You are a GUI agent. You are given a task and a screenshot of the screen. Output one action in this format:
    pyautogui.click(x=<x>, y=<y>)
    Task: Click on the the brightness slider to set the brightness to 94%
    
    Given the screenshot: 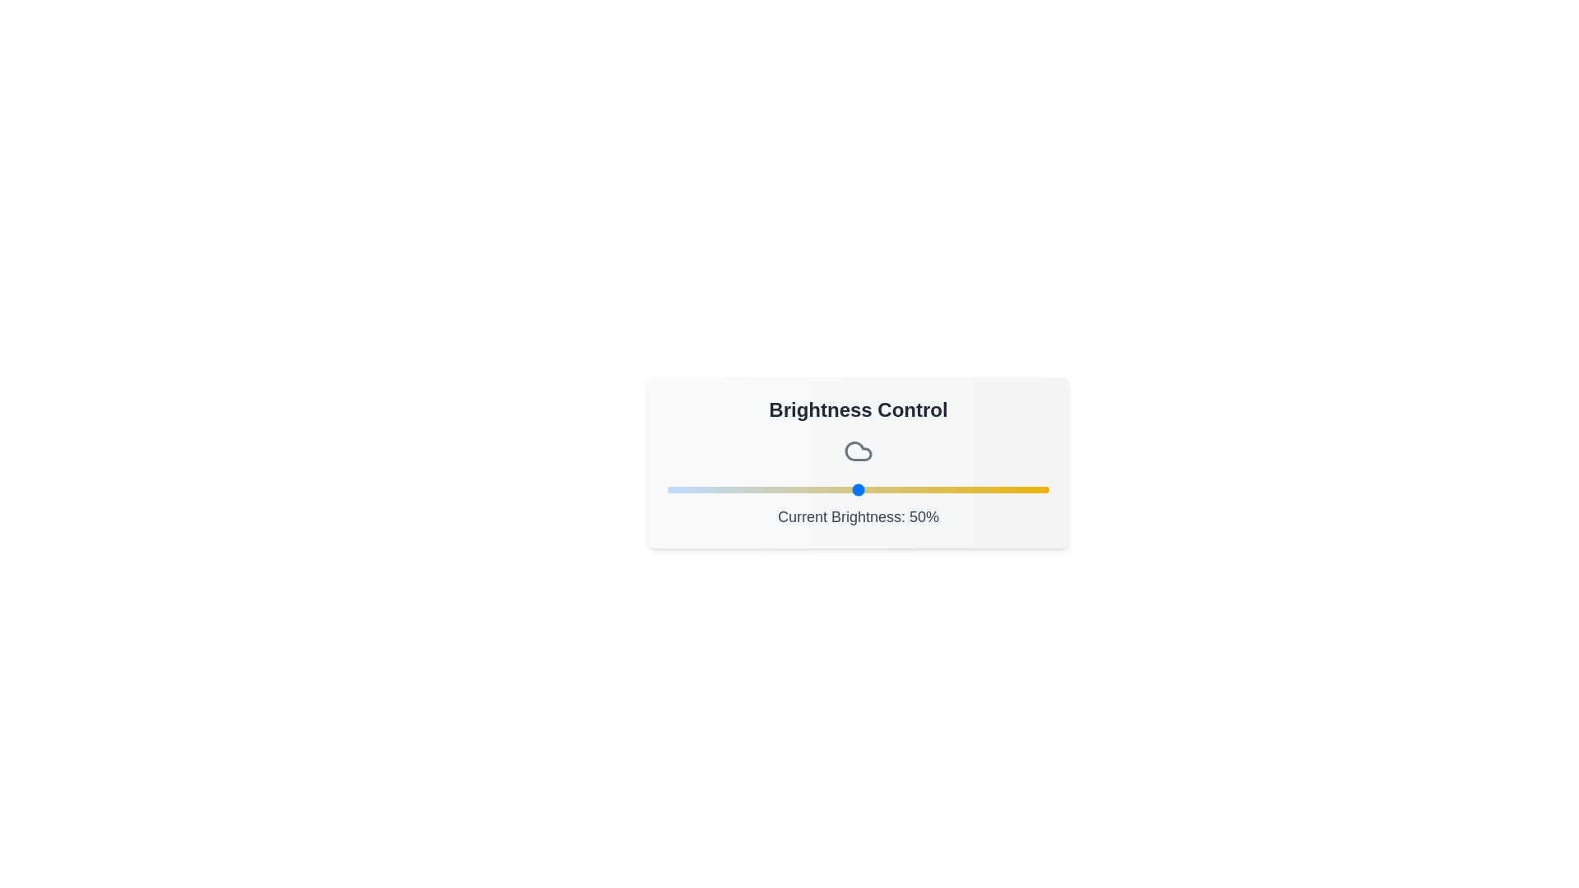 What is the action you would take?
    pyautogui.click(x=1026, y=489)
    